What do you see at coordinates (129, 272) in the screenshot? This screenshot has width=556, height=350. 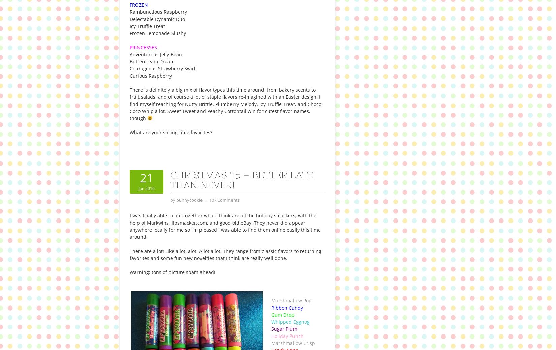 I see `'Warning: tons of picture spam ahead!'` at bounding box center [129, 272].